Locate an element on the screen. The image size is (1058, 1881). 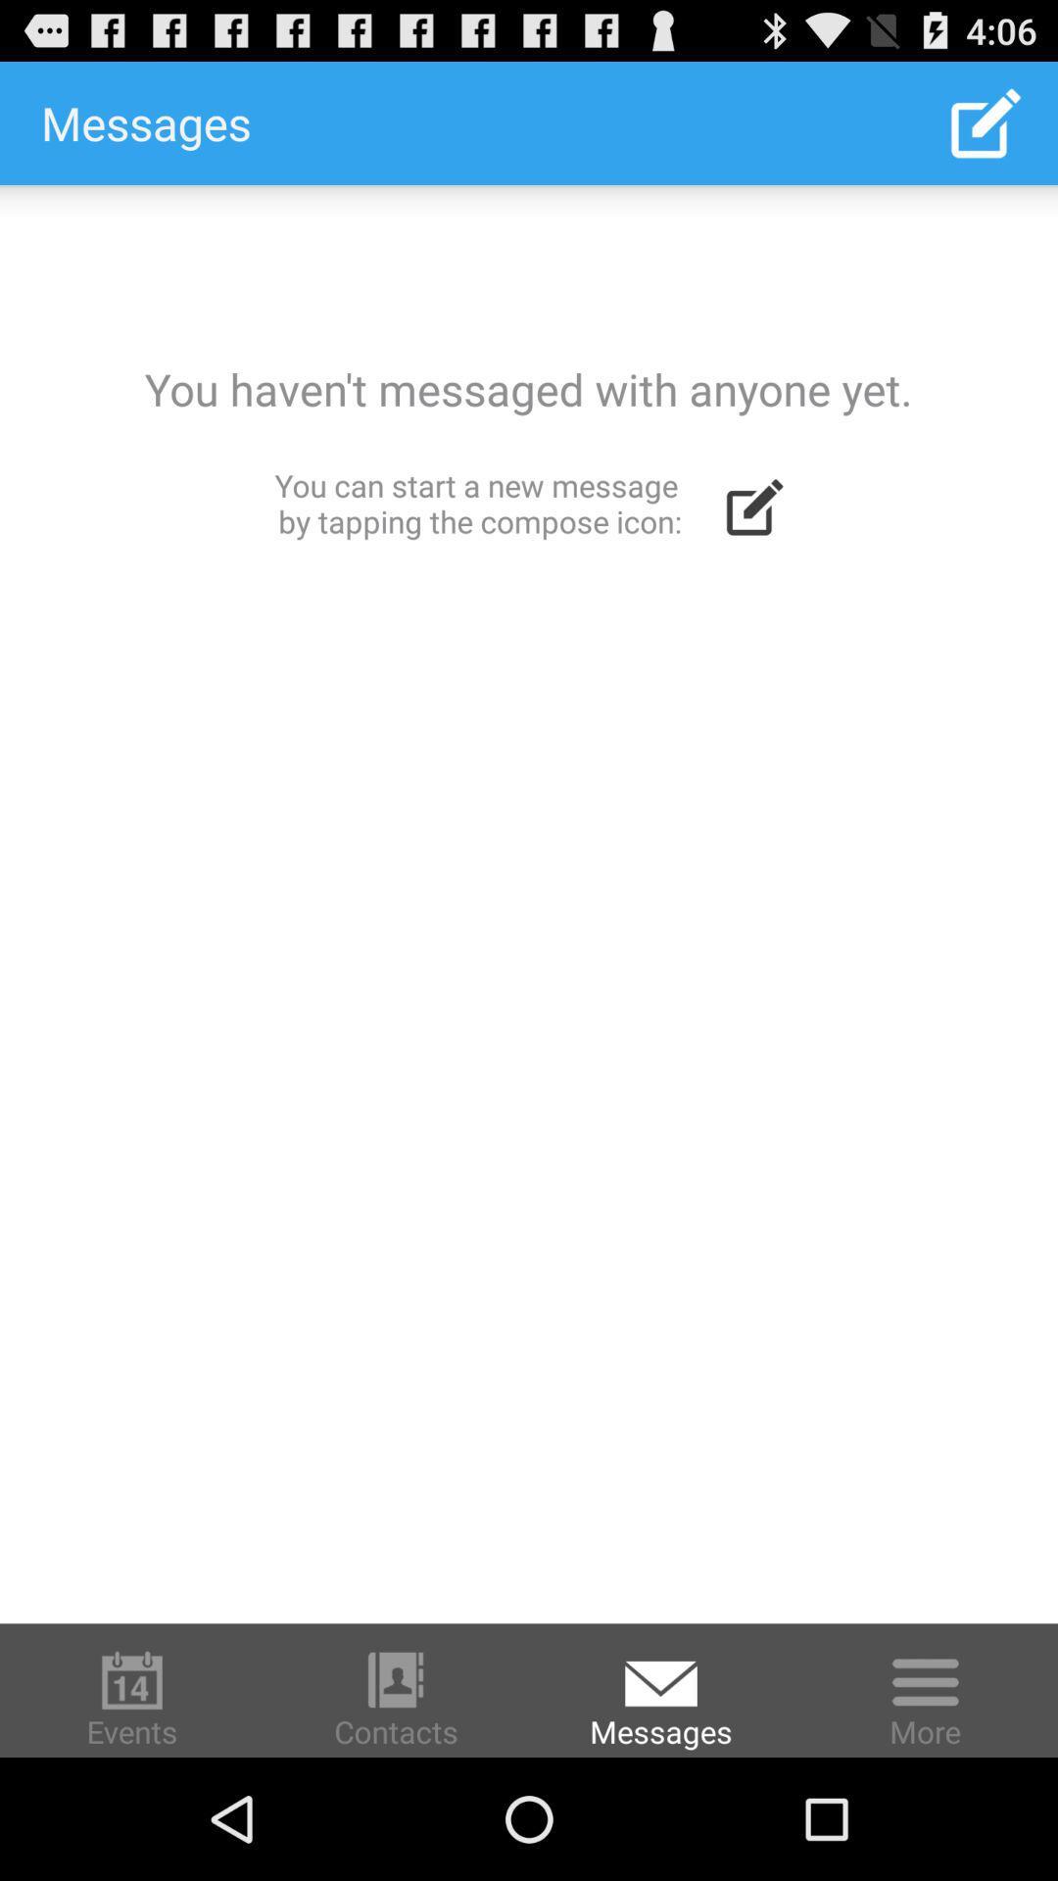
icon at the center is located at coordinates (529, 902).